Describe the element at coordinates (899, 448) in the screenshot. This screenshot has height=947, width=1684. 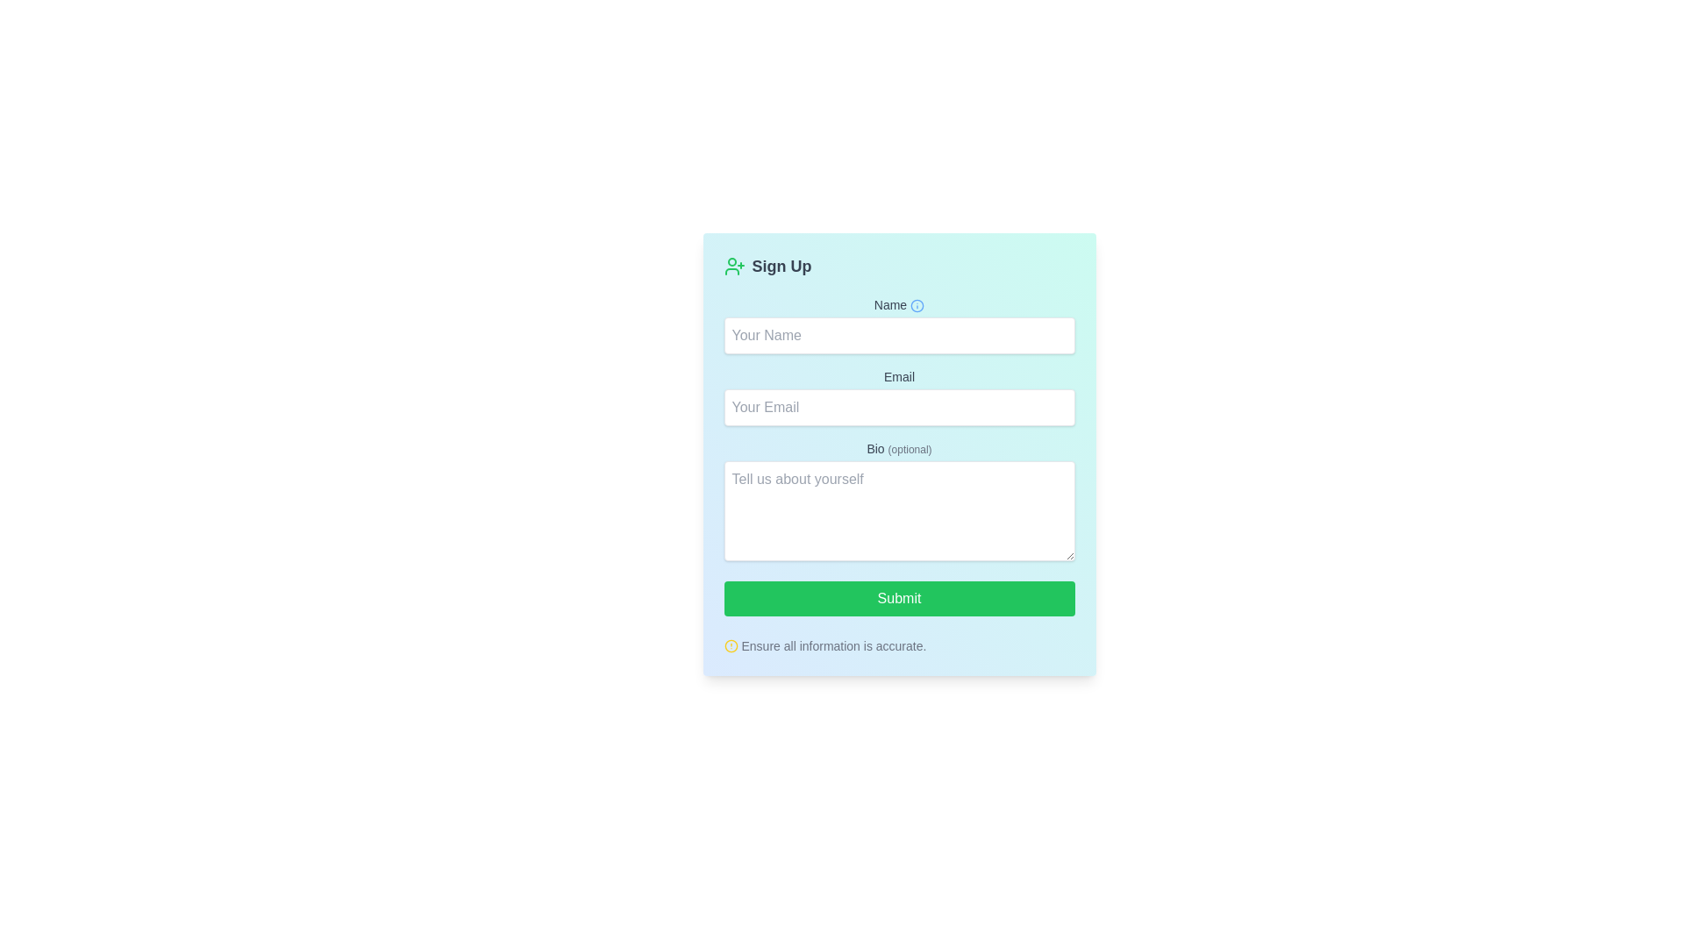
I see `the label displaying 'Bio (optional)'` at that location.